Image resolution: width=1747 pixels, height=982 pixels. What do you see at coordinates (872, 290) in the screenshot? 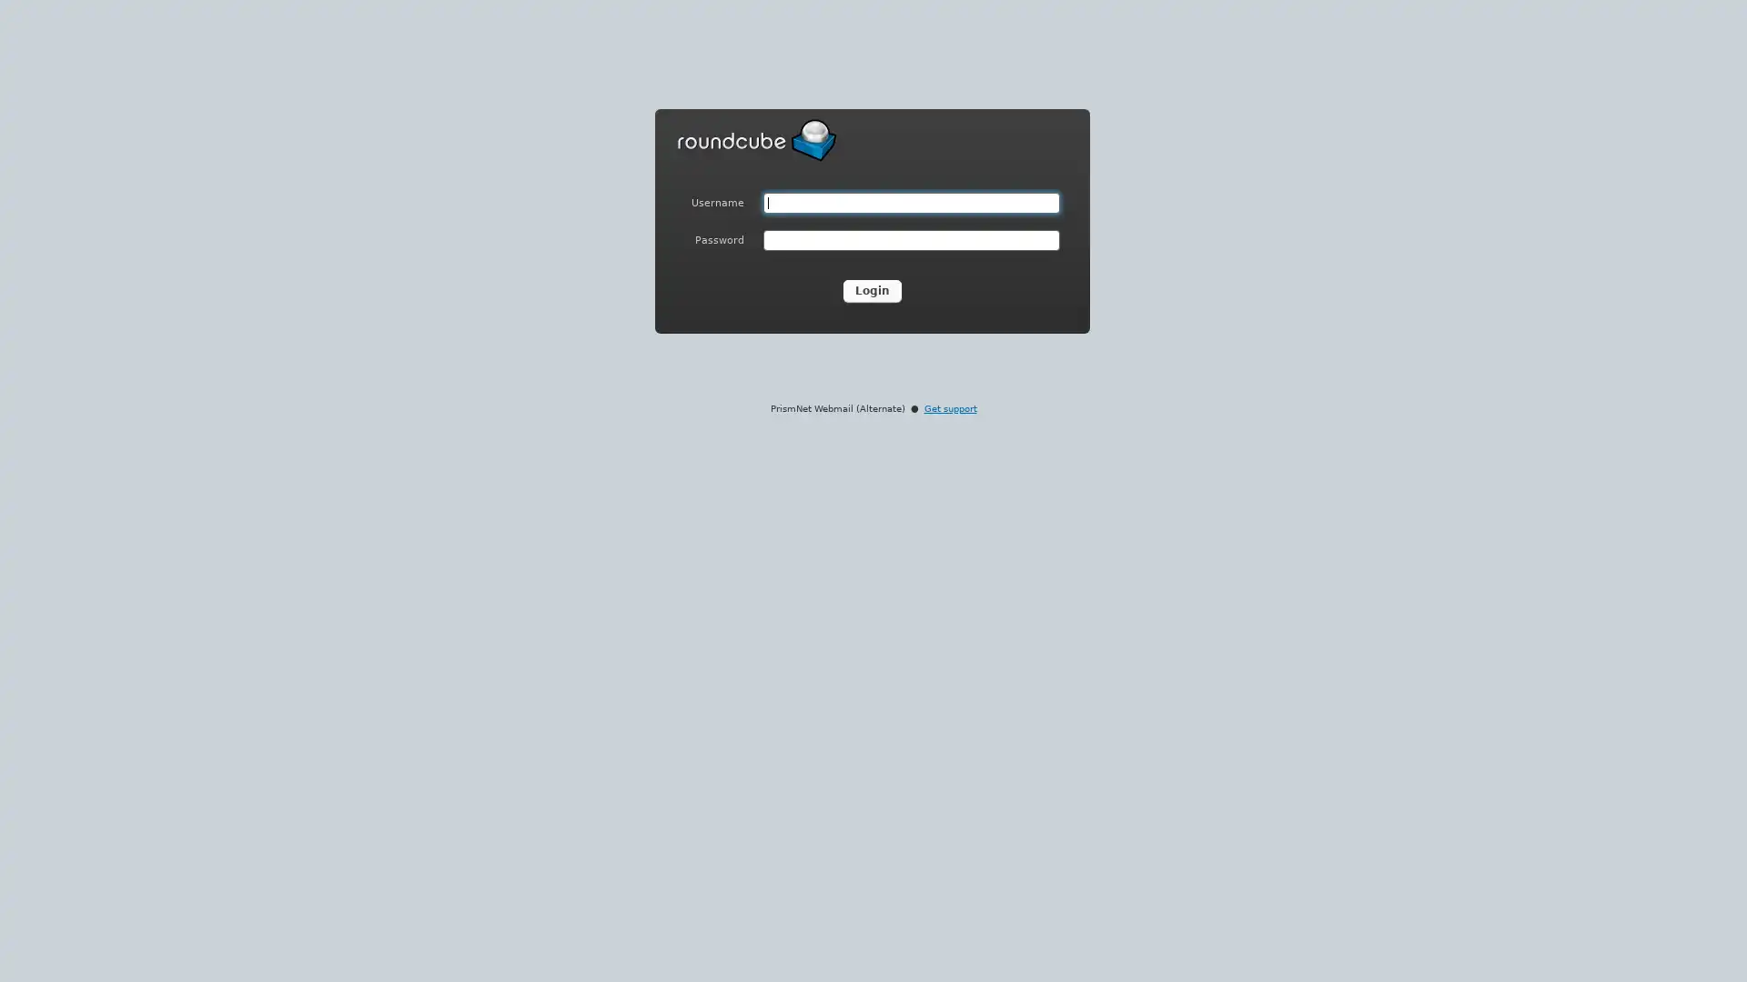
I see `Login` at bounding box center [872, 290].